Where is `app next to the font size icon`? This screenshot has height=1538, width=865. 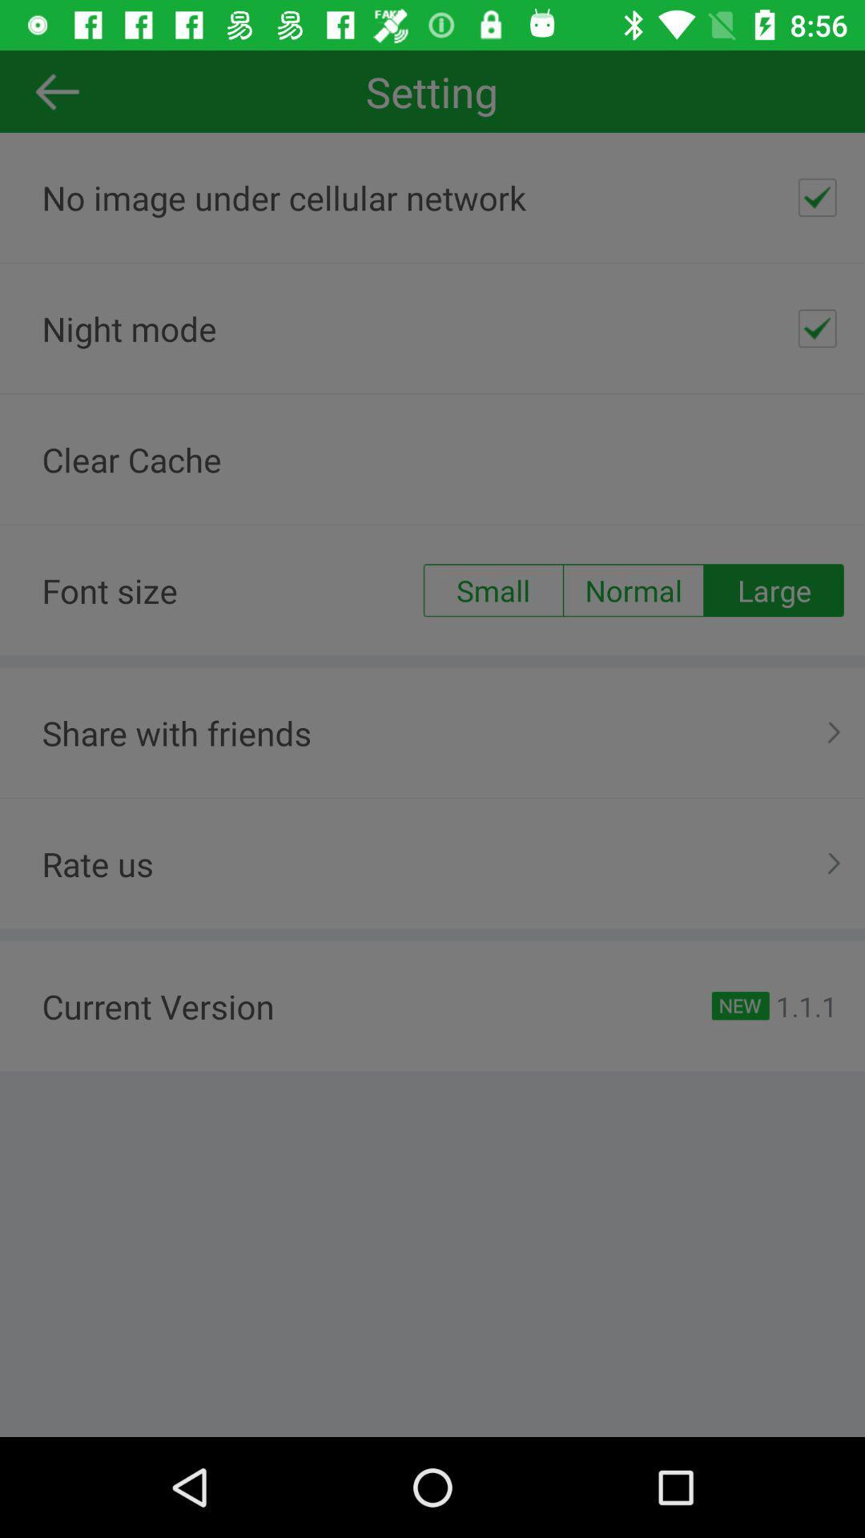
app next to the font size icon is located at coordinates (492, 590).